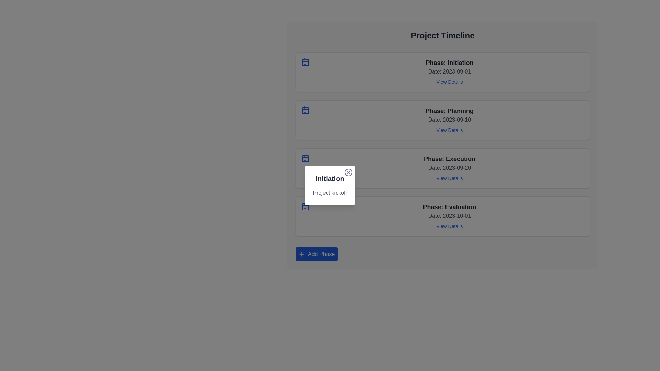  Describe the element at coordinates (450, 178) in the screenshot. I see `the 'View Details' hyperlink, which is styled with a small font size and blue color, to trigger the underline effect` at that location.